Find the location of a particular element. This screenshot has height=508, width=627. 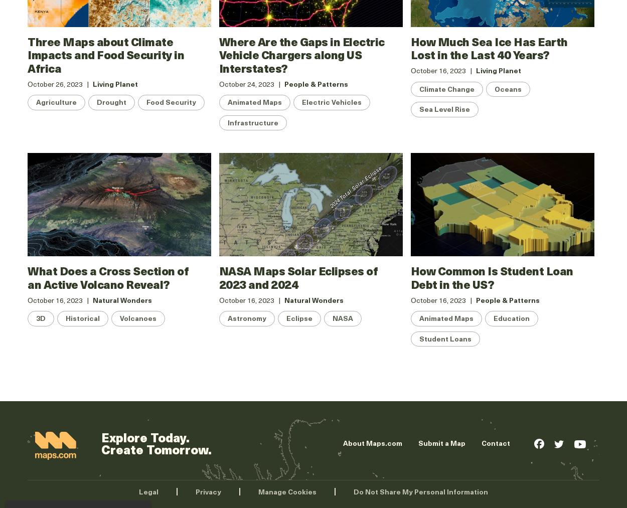

'3D' is located at coordinates (40, 317).